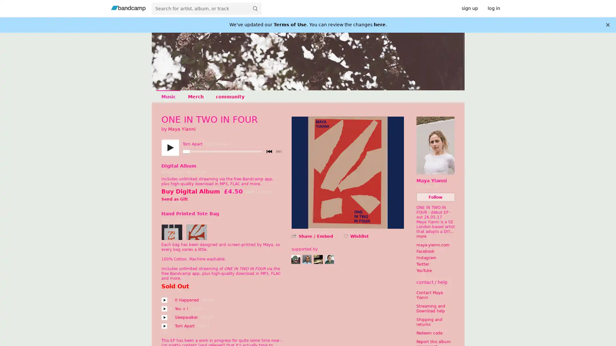 The image size is (616, 346). Describe the element at coordinates (178, 165) in the screenshot. I see `Digital Album` at that location.